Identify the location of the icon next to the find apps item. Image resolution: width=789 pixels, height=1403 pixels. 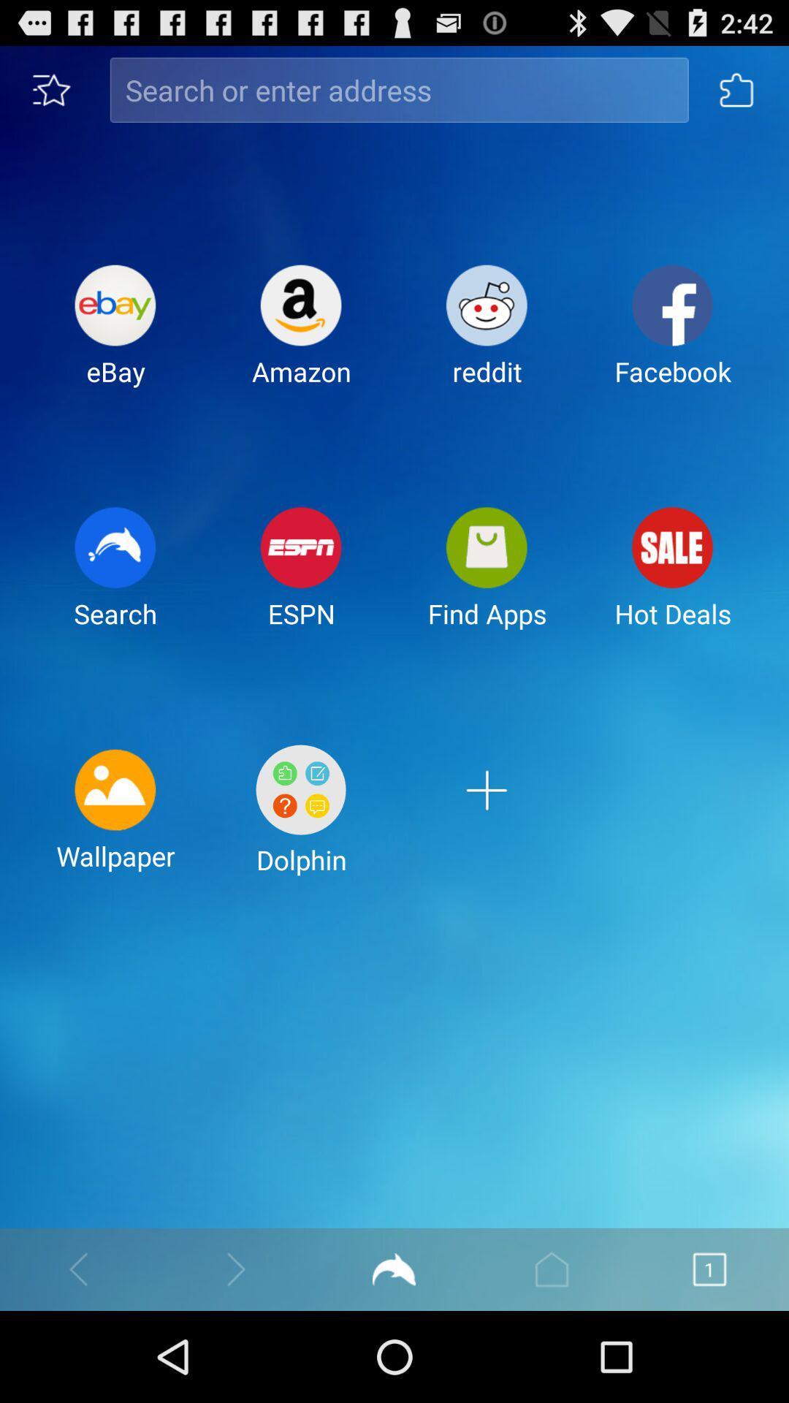
(300, 579).